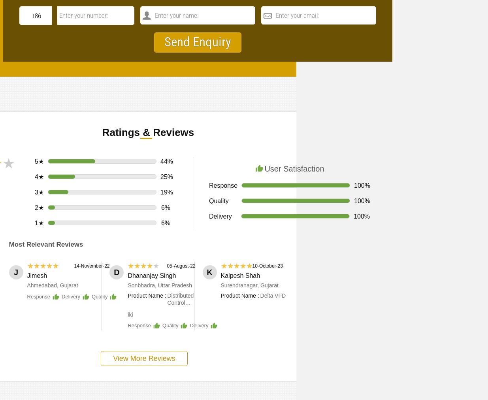 This screenshot has height=400, width=488. What do you see at coordinates (148, 132) in the screenshot?
I see `'Ratings & Reviews'` at bounding box center [148, 132].